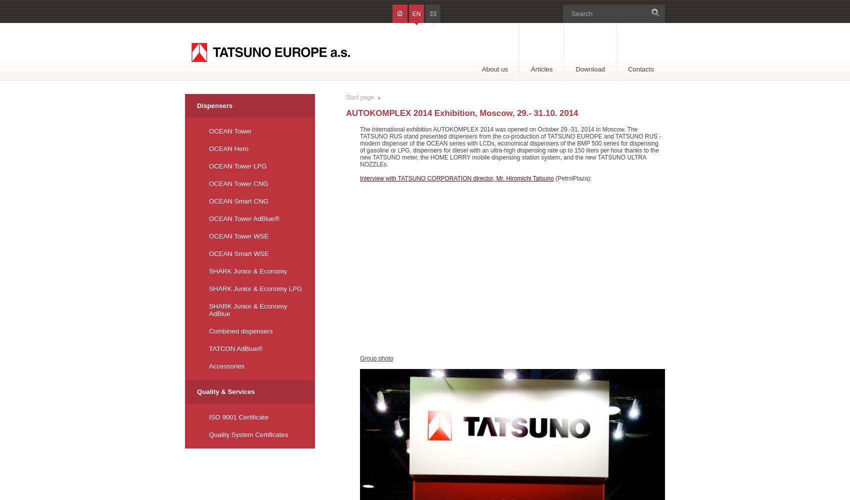  What do you see at coordinates (238, 235) in the screenshot?
I see `'OCEAN Tower WSE'` at bounding box center [238, 235].